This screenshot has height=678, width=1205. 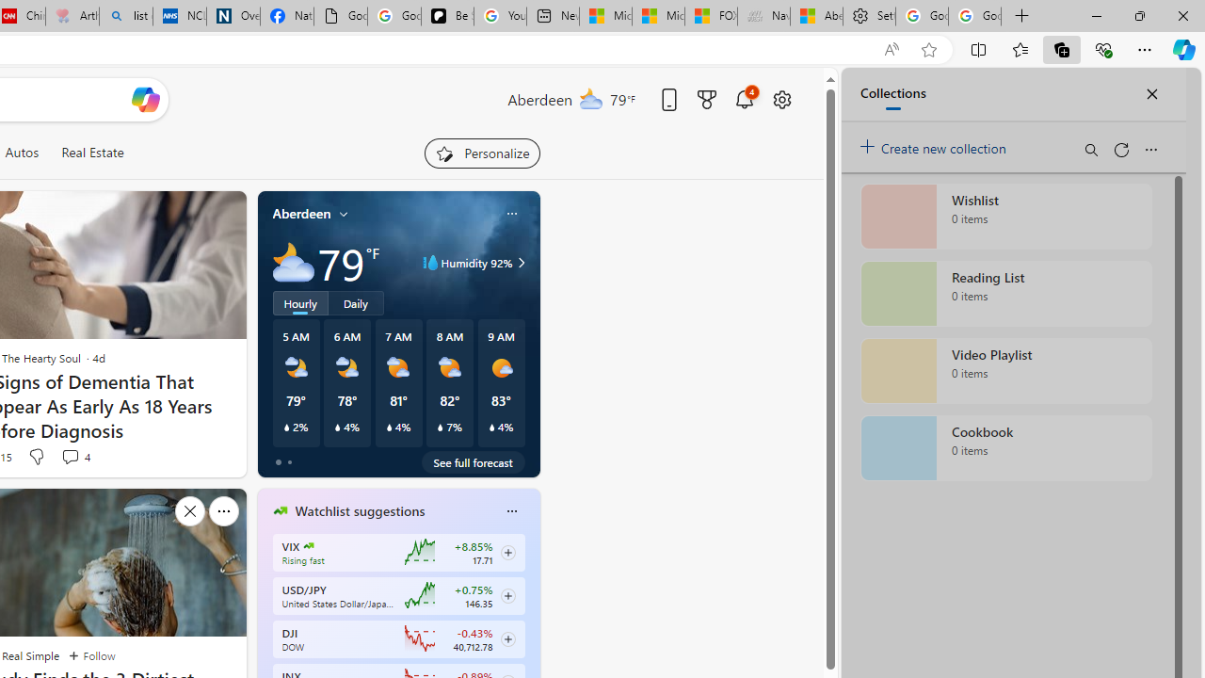 What do you see at coordinates (277, 462) in the screenshot?
I see `'tab-0'` at bounding box center [277, 462].